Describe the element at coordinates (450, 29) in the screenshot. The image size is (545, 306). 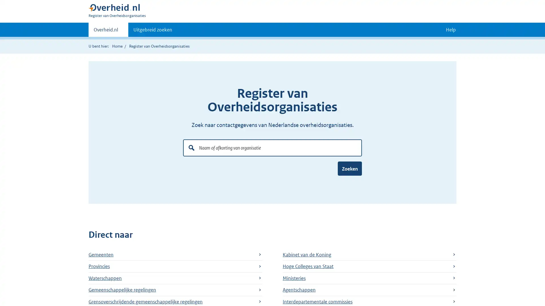
I see `Help` at that location.